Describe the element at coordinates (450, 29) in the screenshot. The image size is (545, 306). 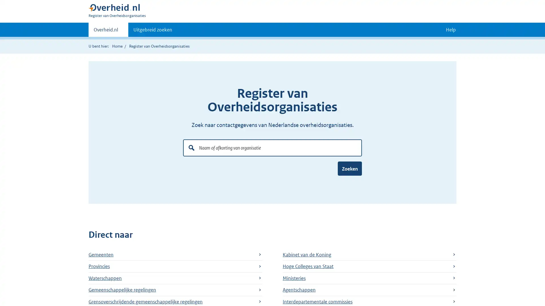
I see `Help` at that location.